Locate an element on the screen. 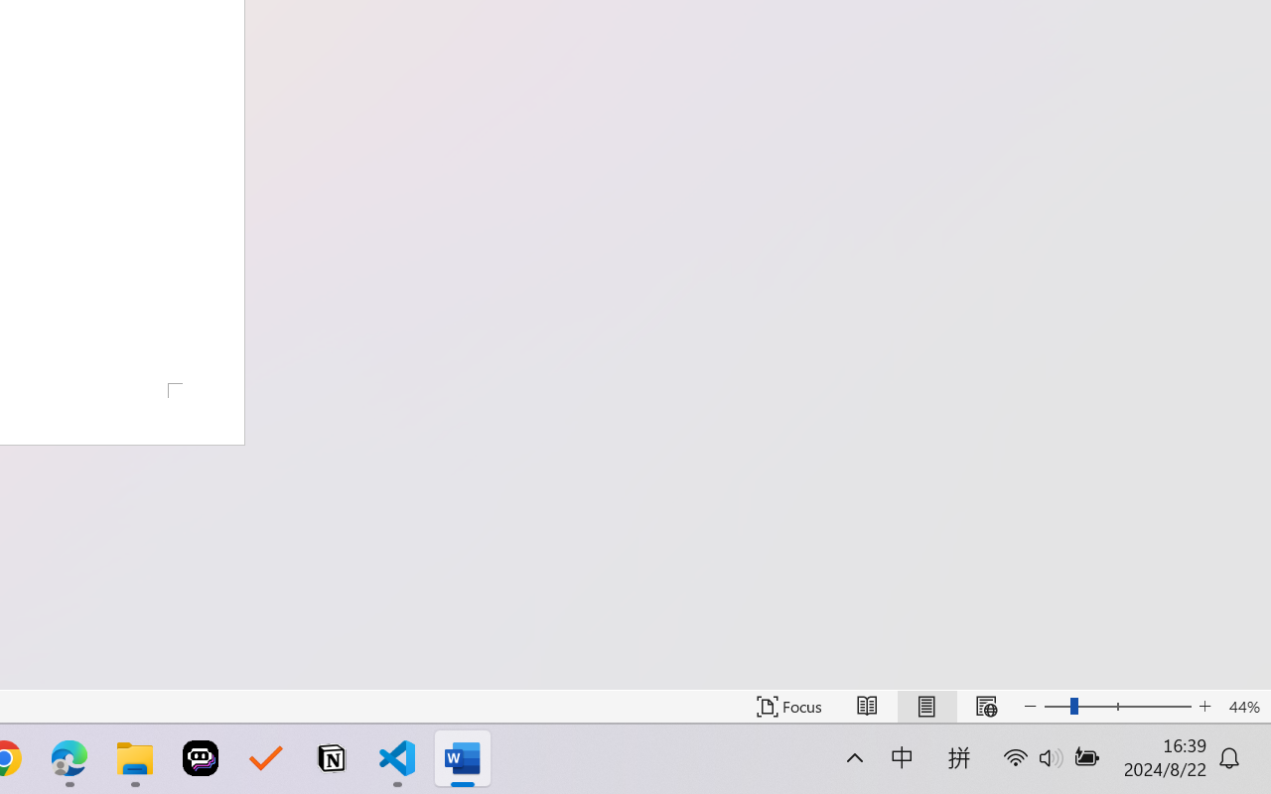  'Zoom 44%' is located at coordinates (1243, 706).